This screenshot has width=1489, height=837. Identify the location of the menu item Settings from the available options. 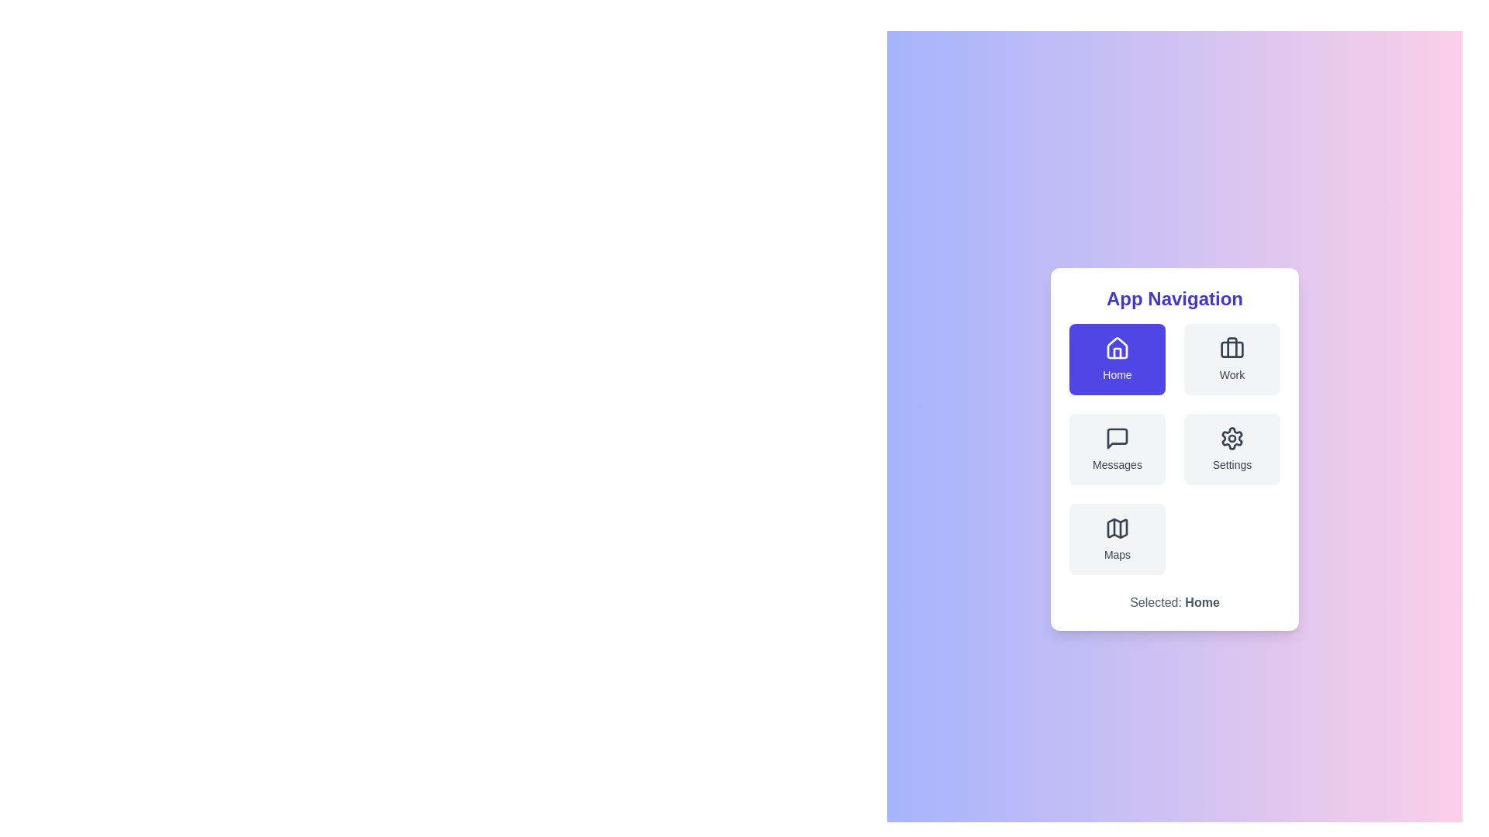
(1231, 449).